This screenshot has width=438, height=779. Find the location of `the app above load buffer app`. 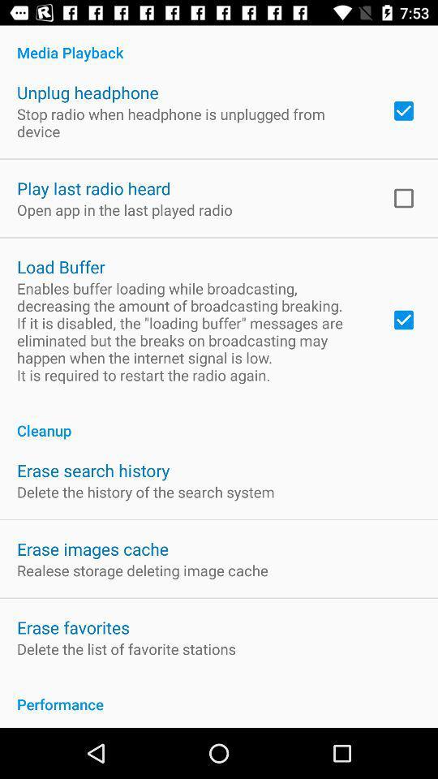

the app above load buffer app is located at coordinates (123, 209).